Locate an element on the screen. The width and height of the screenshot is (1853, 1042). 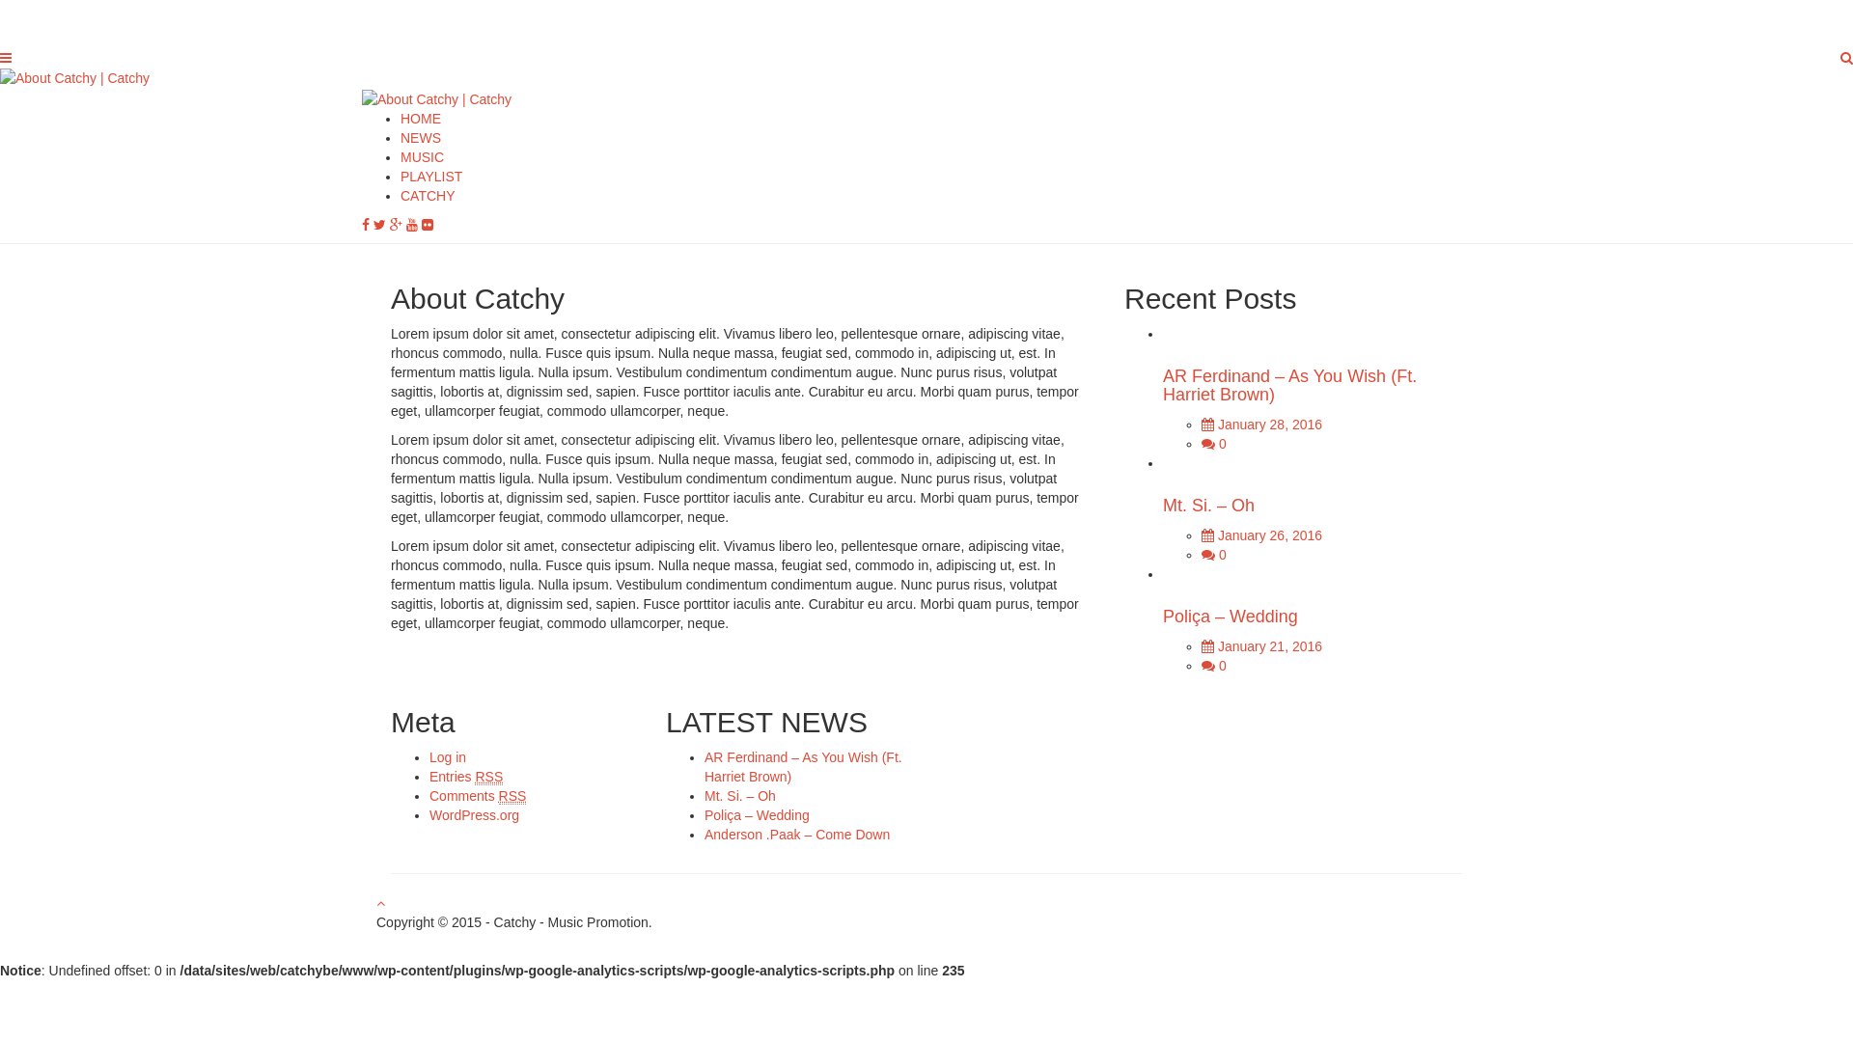
'WordPress.org' is located at coordinates (474, 814).